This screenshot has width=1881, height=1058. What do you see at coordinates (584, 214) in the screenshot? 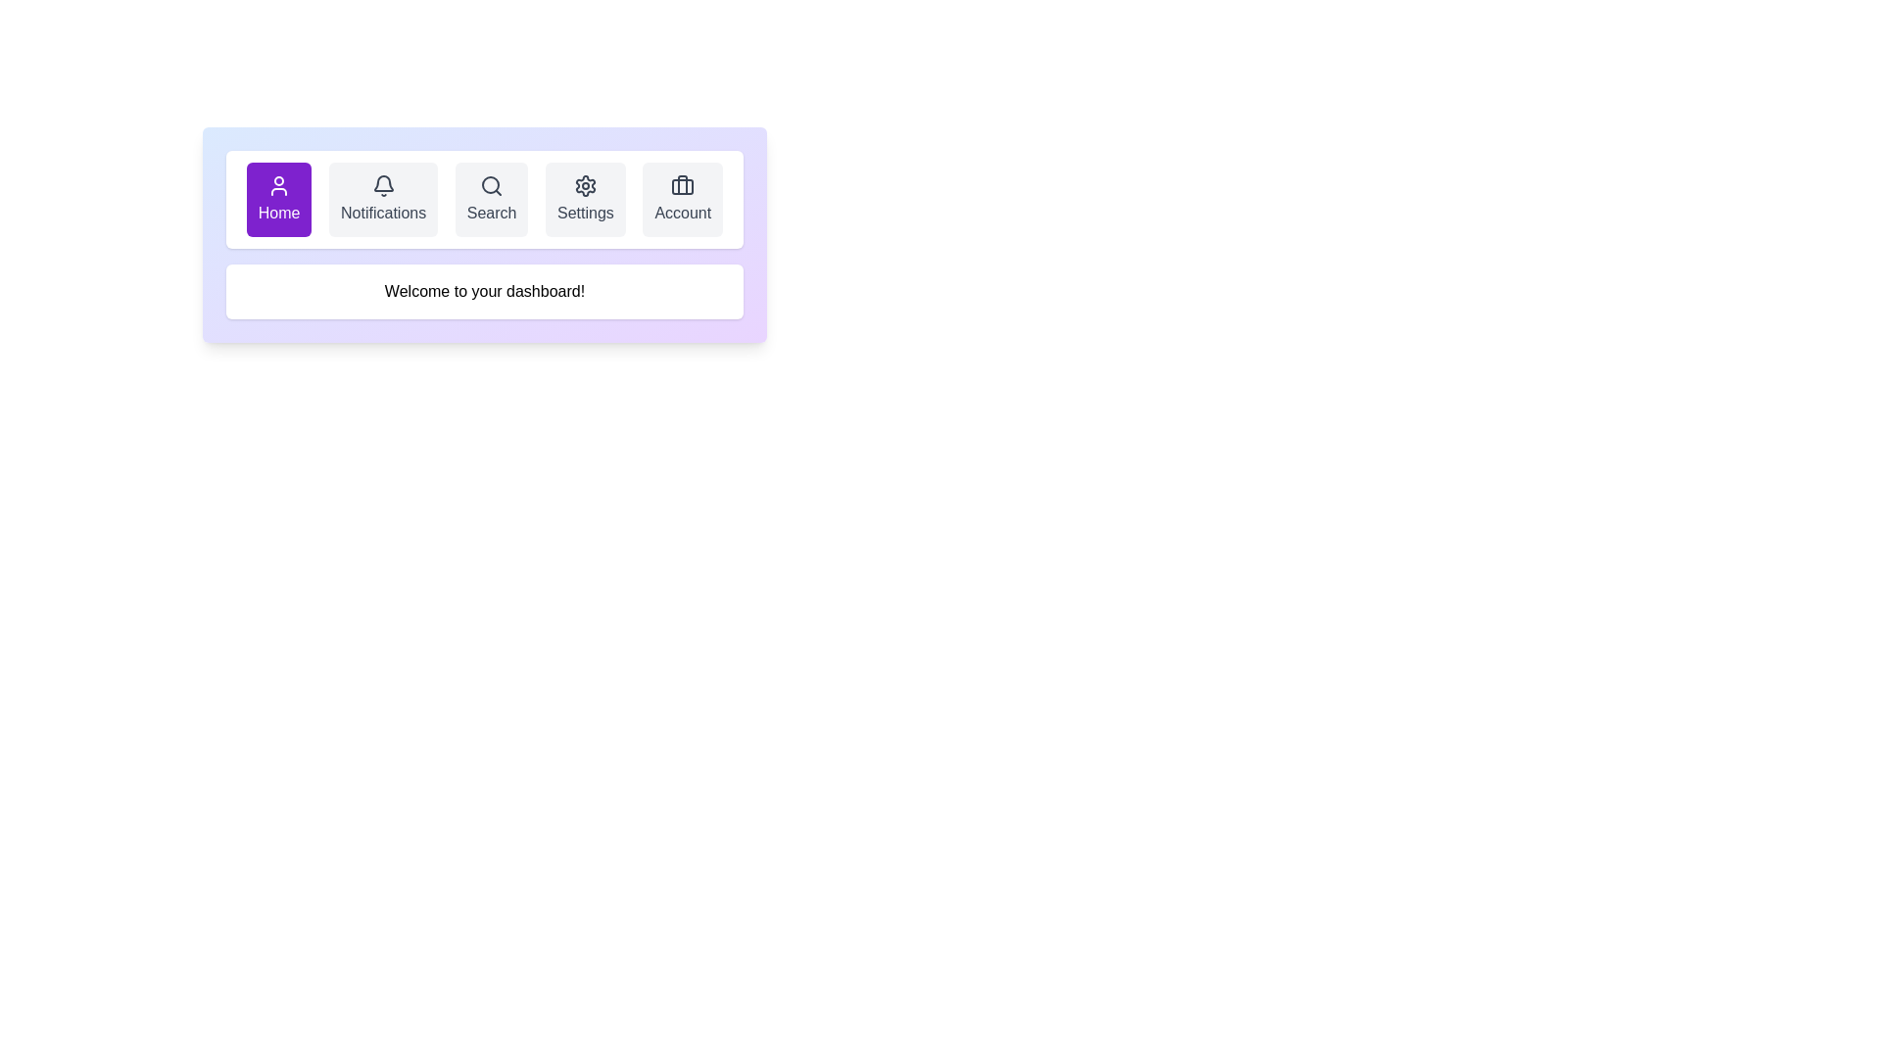
I see `text label within the settings button, which is the fourth navigational item from the left in the upper navigation menu, located between 'Search' and 'Account'` at bounding box center [584, 214].